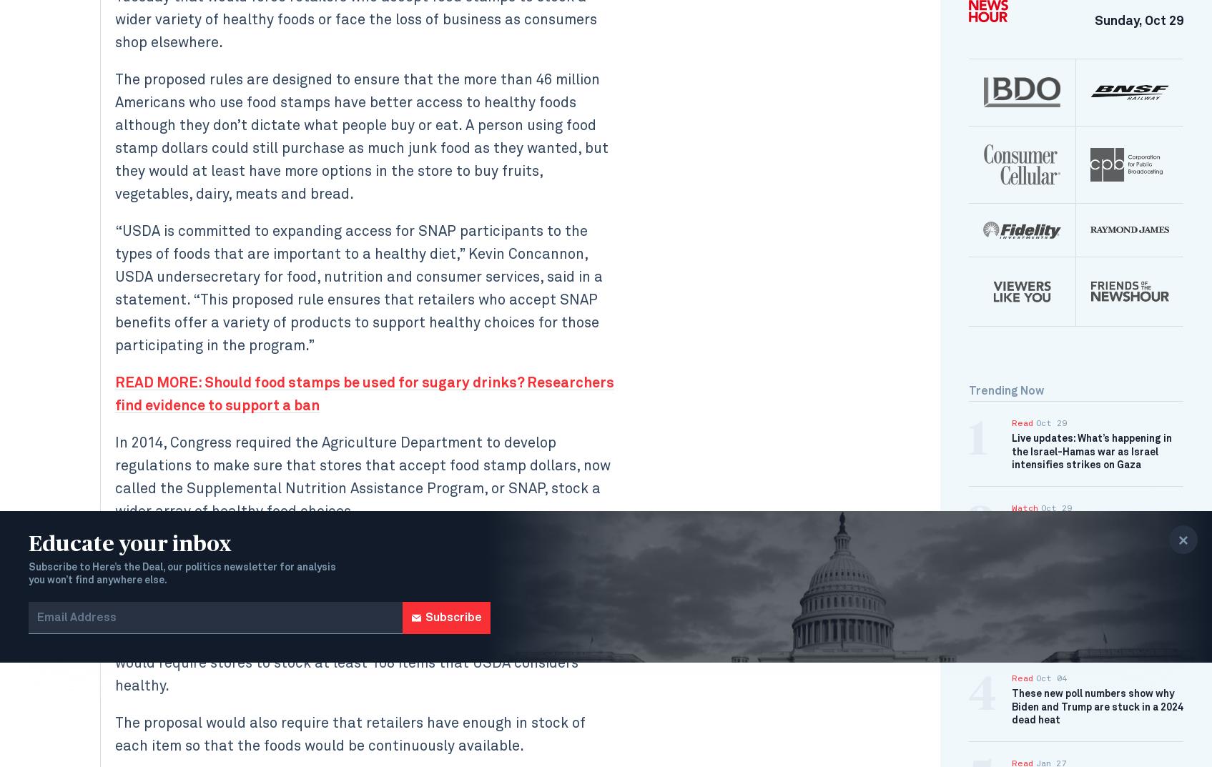 This screenshot has height=767, width=1212. Describe the element at coordinates (1095, 535) in the screenshot. I see `'Why pharmacy workers are going on strike amid widespread store closures'` at that location.